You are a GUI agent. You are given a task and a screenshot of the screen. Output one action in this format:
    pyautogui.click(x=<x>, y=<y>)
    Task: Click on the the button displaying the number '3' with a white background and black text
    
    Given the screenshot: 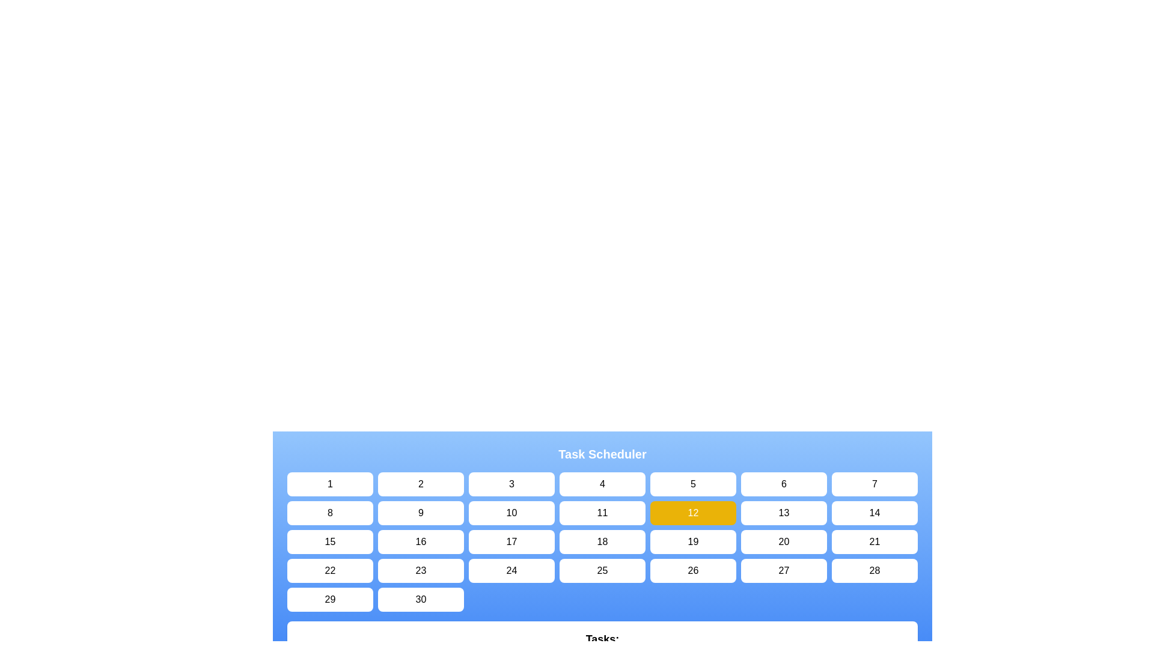 What is the action you would take?
    pyautogui.click(x=511, y=484)
    